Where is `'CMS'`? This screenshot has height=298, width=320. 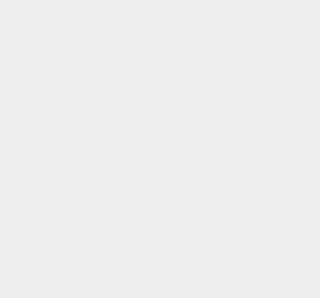
'CMS' is located at coordinates (230, 16).